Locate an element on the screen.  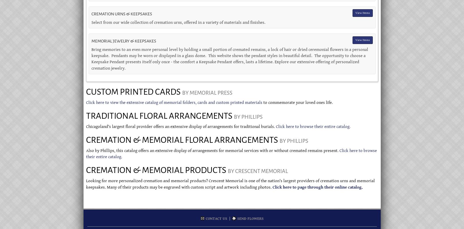
'Click here to view the extensive catalog of memorial folders, cards and custom printed materials' is located at coordinates (174, 102).